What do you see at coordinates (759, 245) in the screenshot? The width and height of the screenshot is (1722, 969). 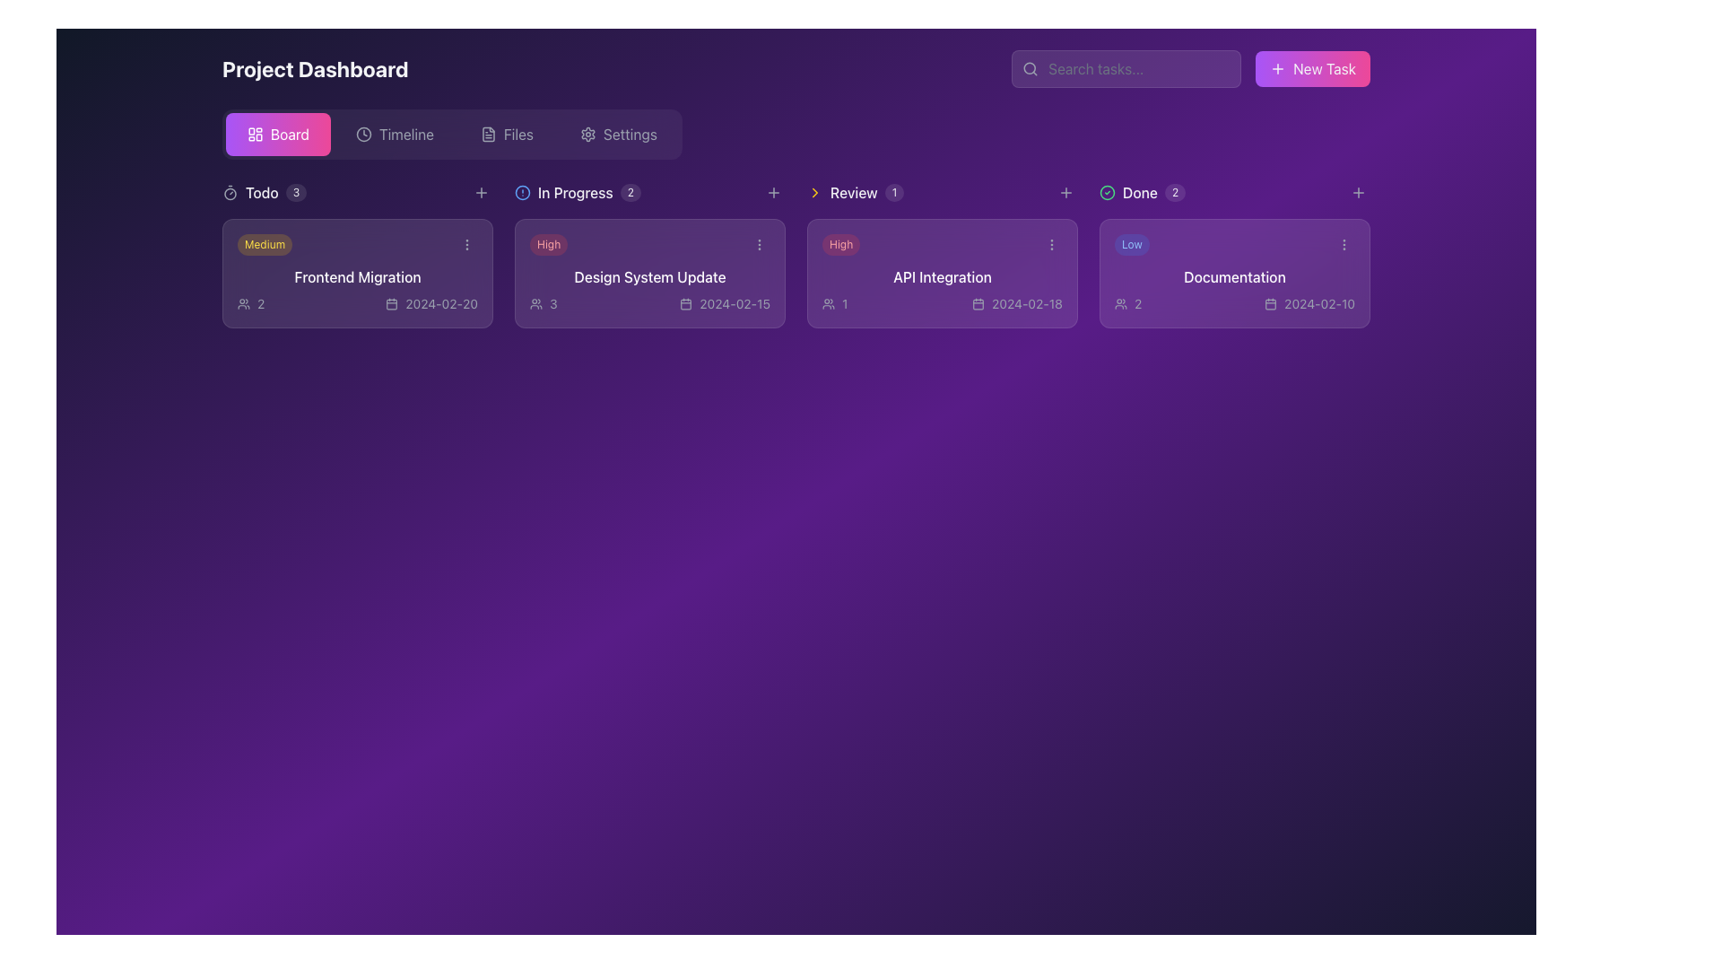 I see `the Ellipsis menu button located in the upper-right corner of the 'Design System Update' card` at bounding box center [759, 245].